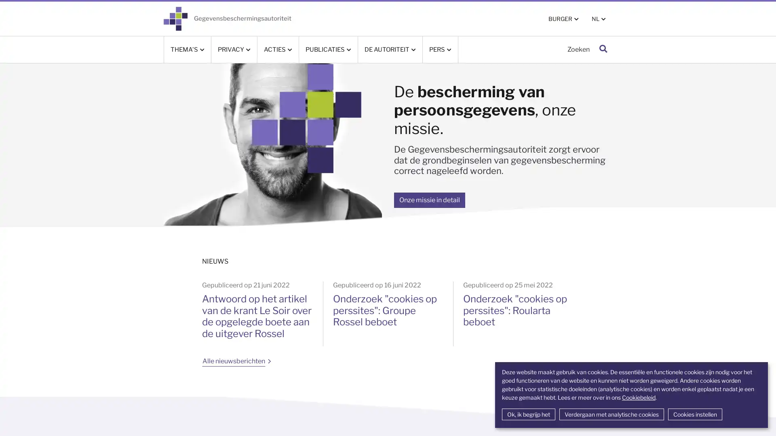 Image resolution: width=776 pixels, height=436 pixels. Describe the element at coordinates (603, 49) in the screenshot. I see `Zoeken` at that location.